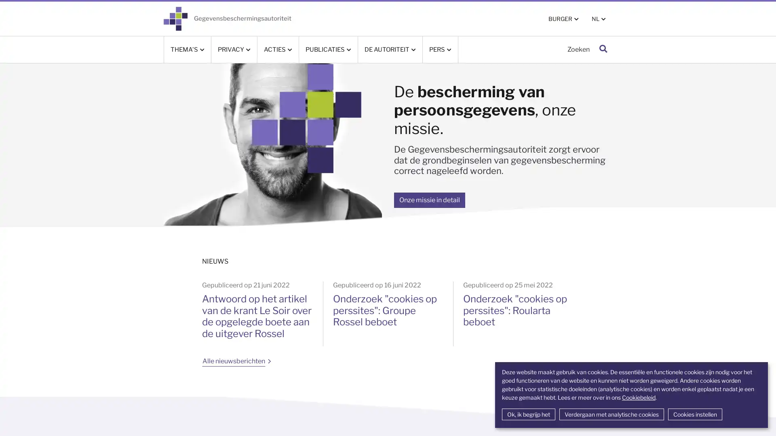 Image resolution: width=776 pixels, height=436 pixels. Describe the element at coordinates (603, 49) in the screenshot. I see `Zoeken` at that location.